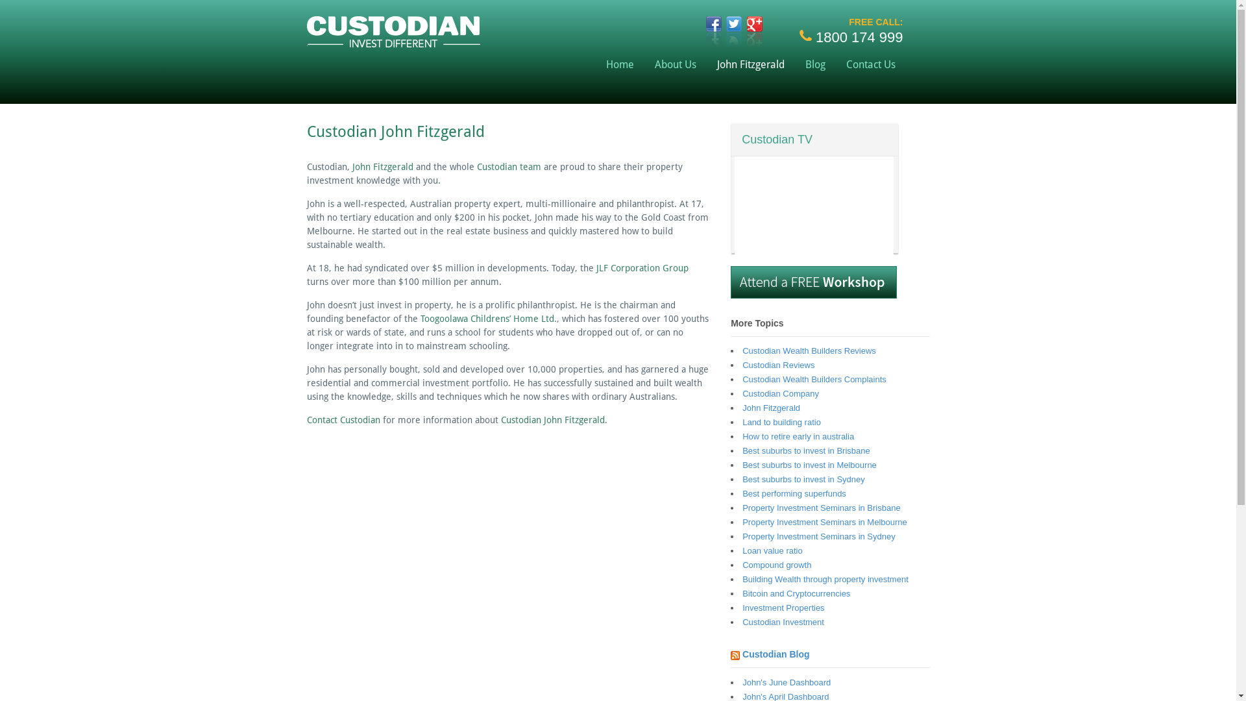 Image resolution: width=1246 pixels, height=701 pixels. What do you see at coordinates (809, 350) in the screenshot?
I see `'Custodian Wealth Builders Reviews'` at bounding box center [809, 350].